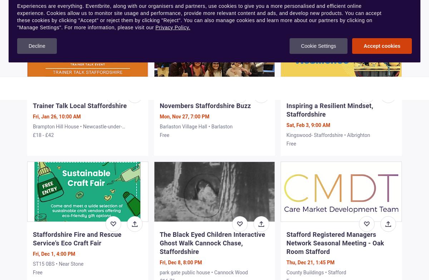 This screenshot has height=280, width=429. Describe the element at coordinates (159, 105) in the screenshot. I see `'Novembers Staffordshire Buzz'` at that location.